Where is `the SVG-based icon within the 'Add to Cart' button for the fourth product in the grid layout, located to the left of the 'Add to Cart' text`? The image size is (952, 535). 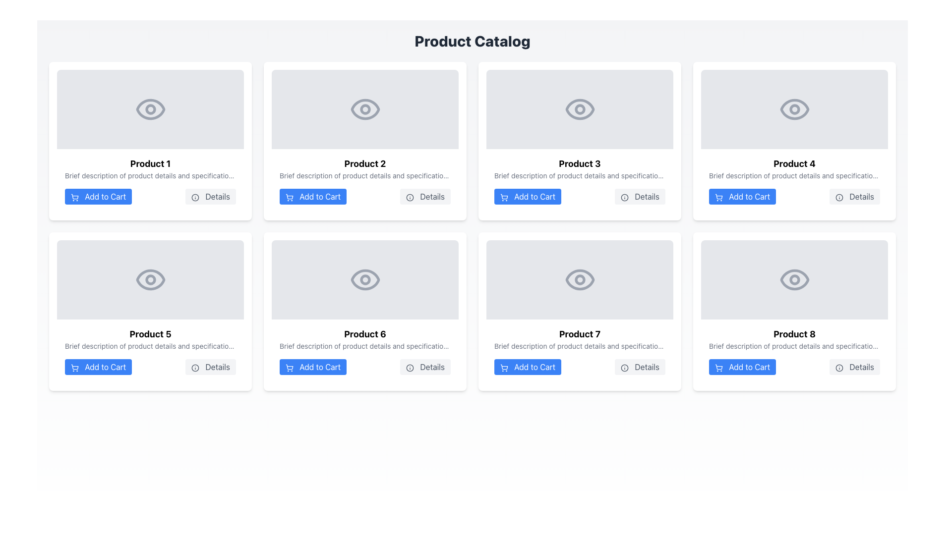
the SVG-based icon within the 'Add to Cart' button for the fourth product in the grid layout, located to the left of the 'Add to Cart' text is located at coordinates (718, 197).